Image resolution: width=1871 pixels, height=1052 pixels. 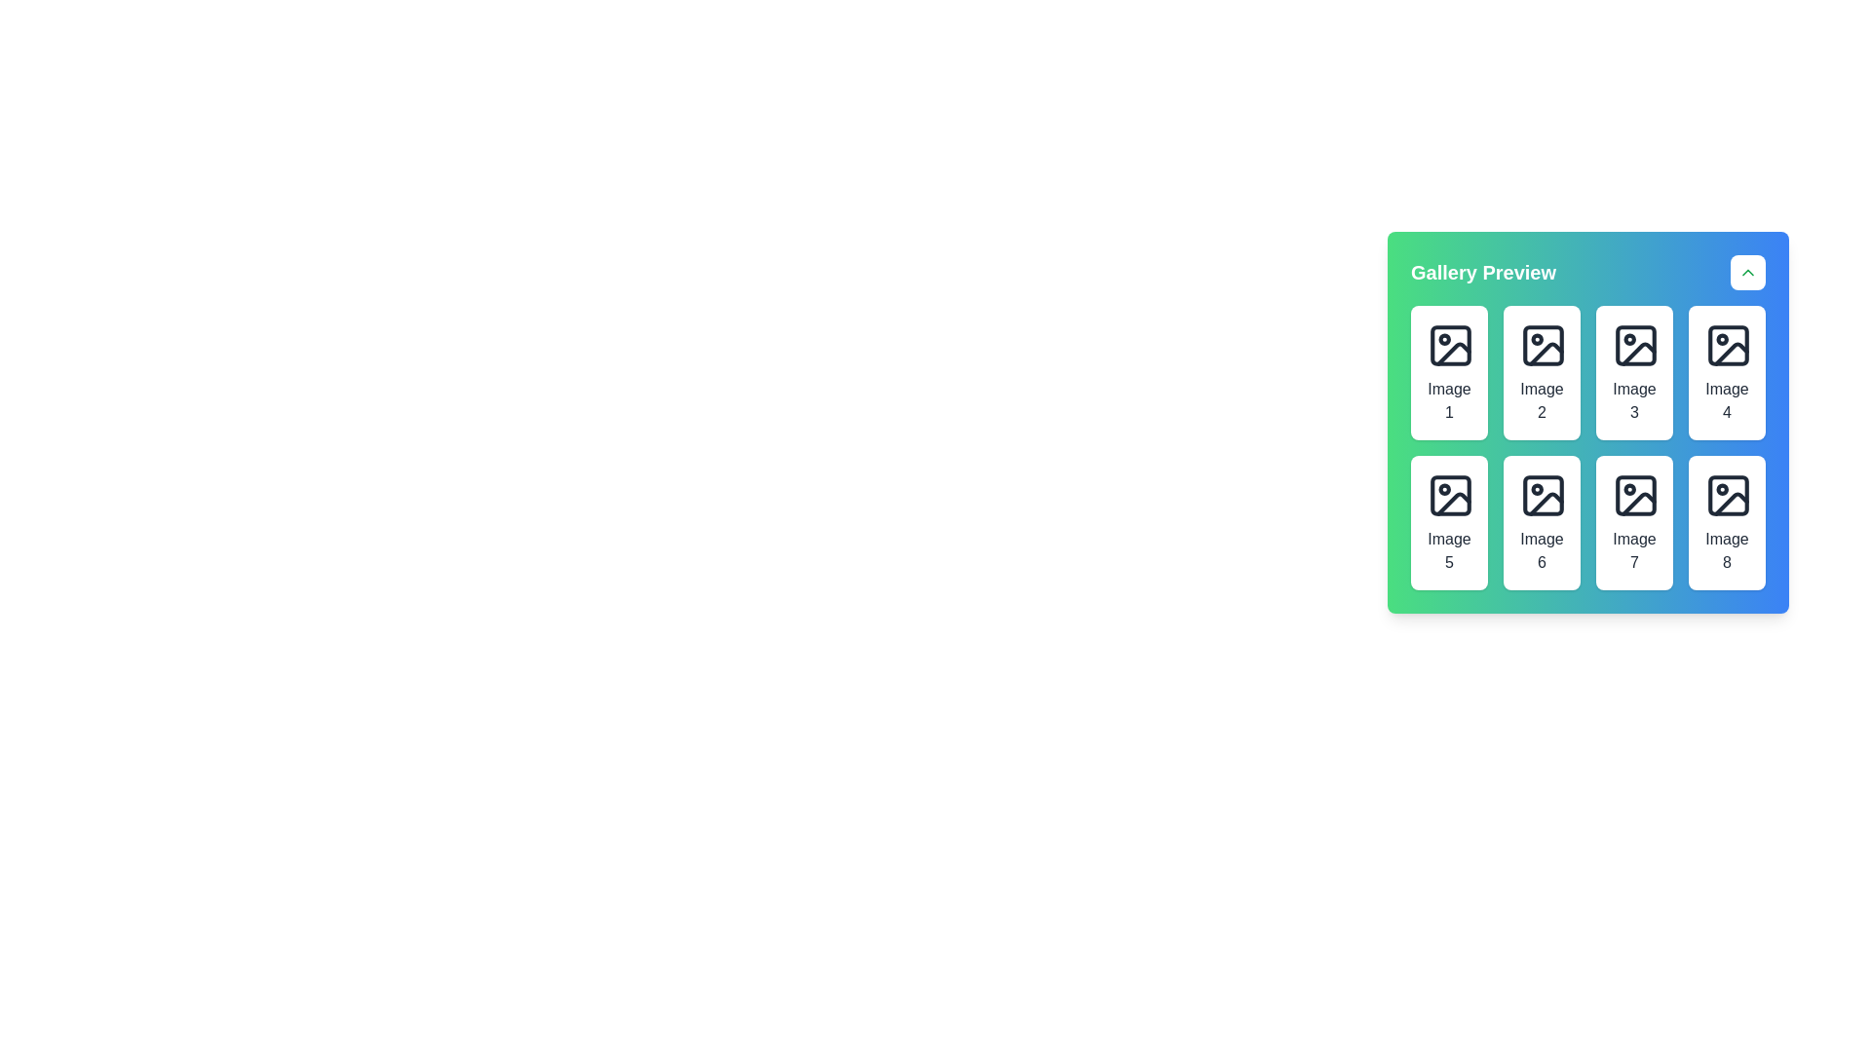 I want to click on the Text label in the seventh cell of the gallery grid that identifies the corresponding image preview, so click(x=1634, y=551).